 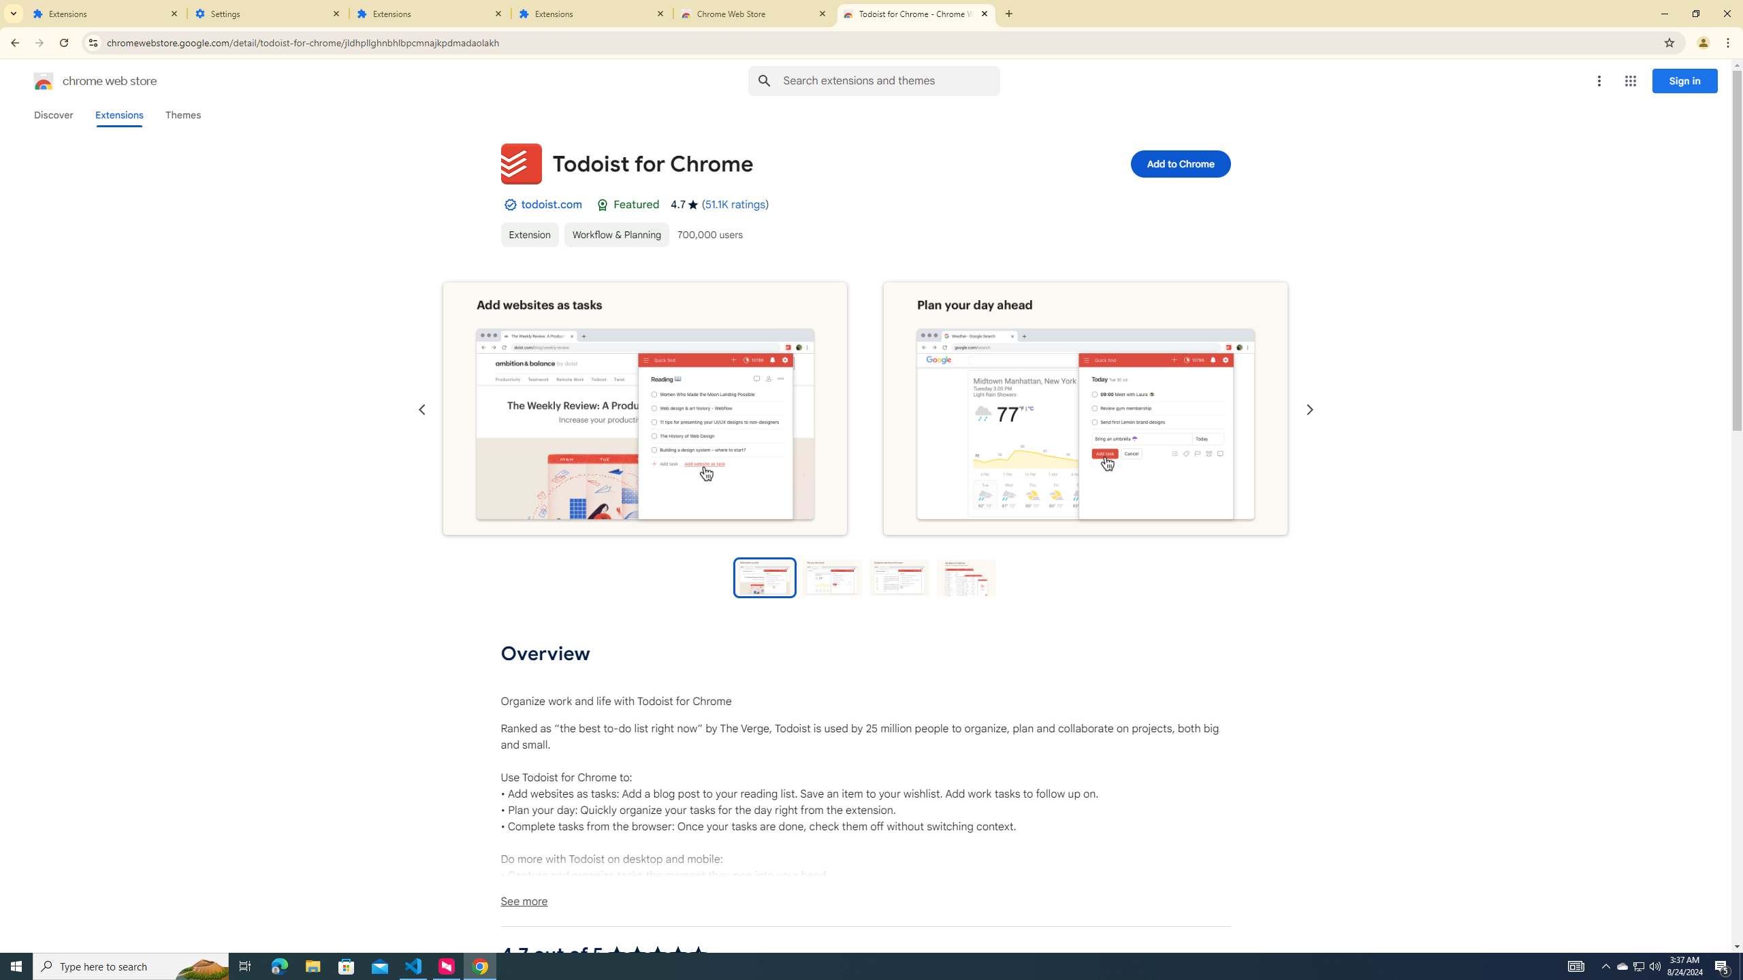 What do you see at coordinates (899, 576) in the screenshot?
I see `'Preview slide 3'` at bounding box center [899, 576].